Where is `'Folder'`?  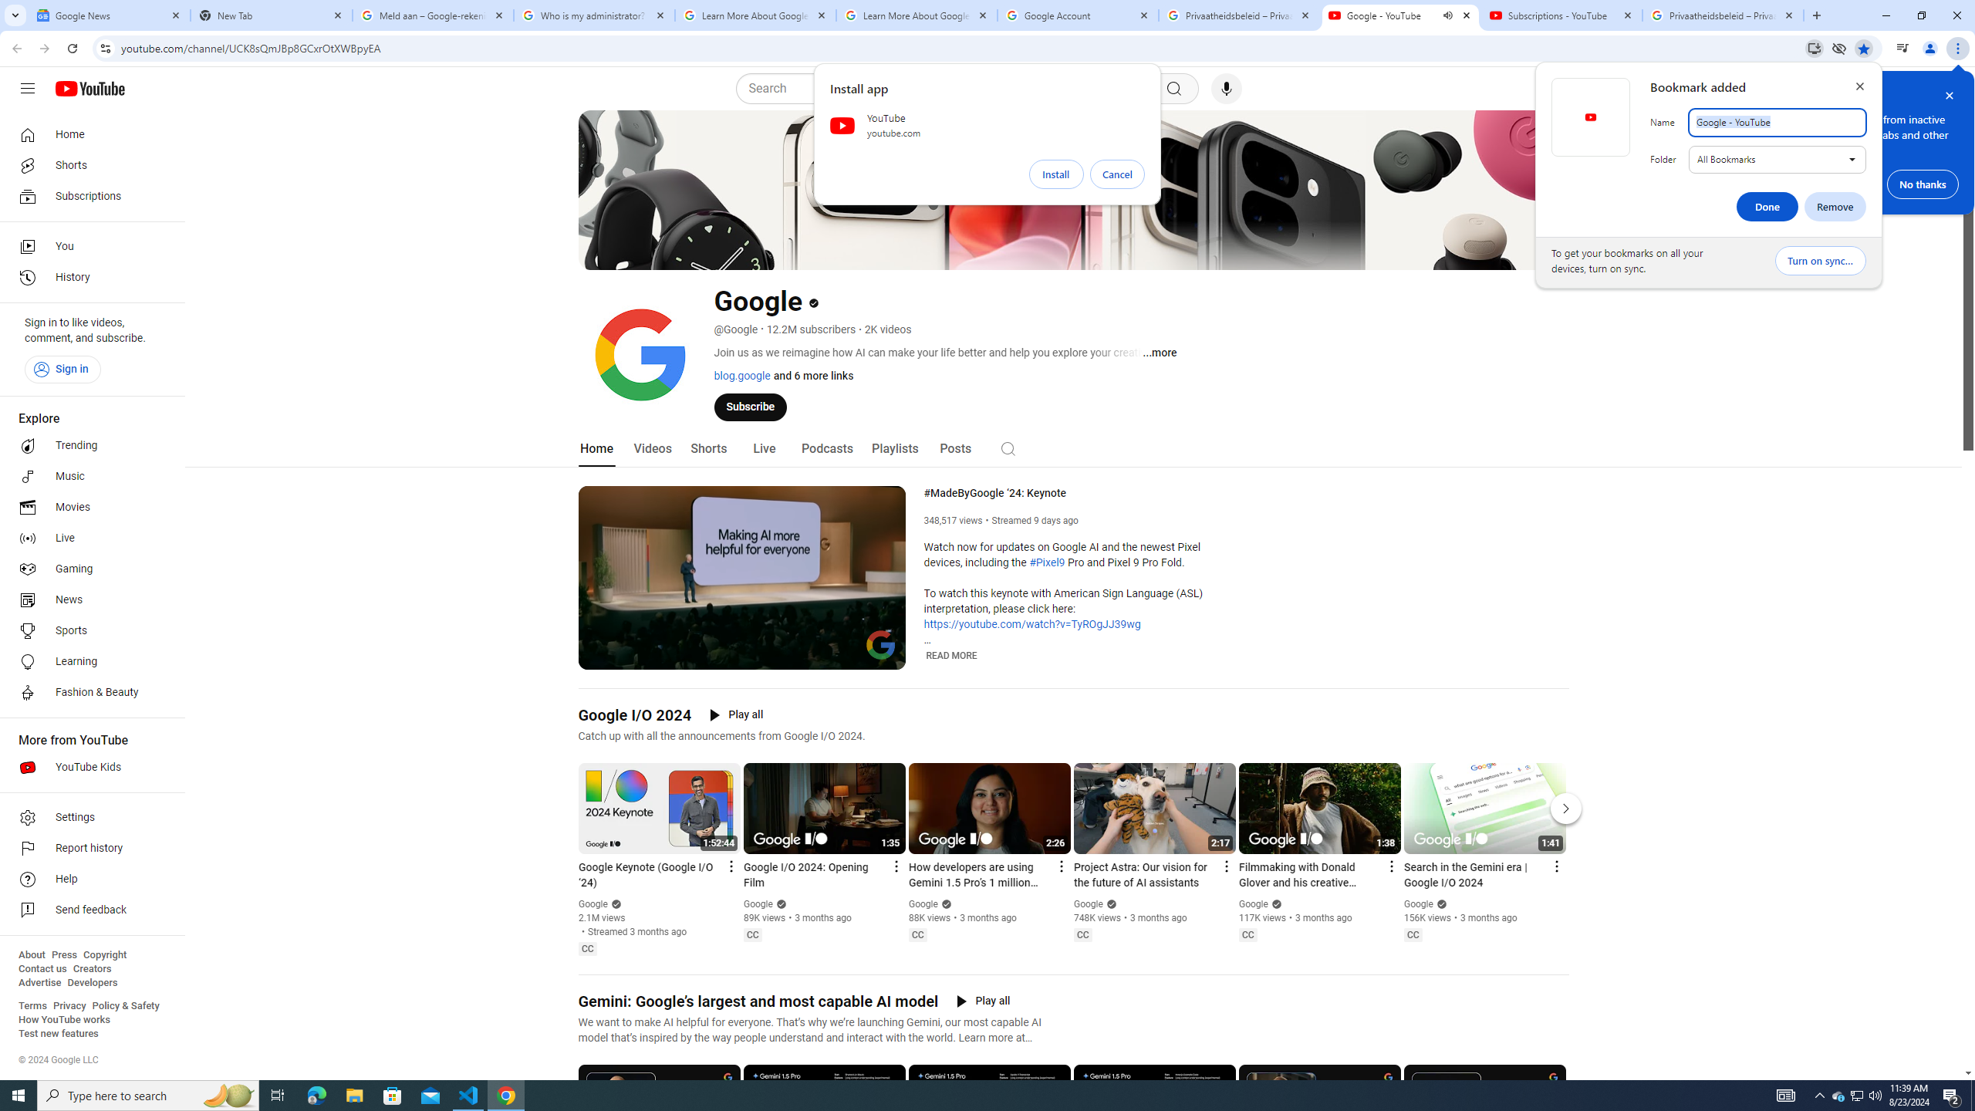
'Folder' is located at coordinates (1777, 159).